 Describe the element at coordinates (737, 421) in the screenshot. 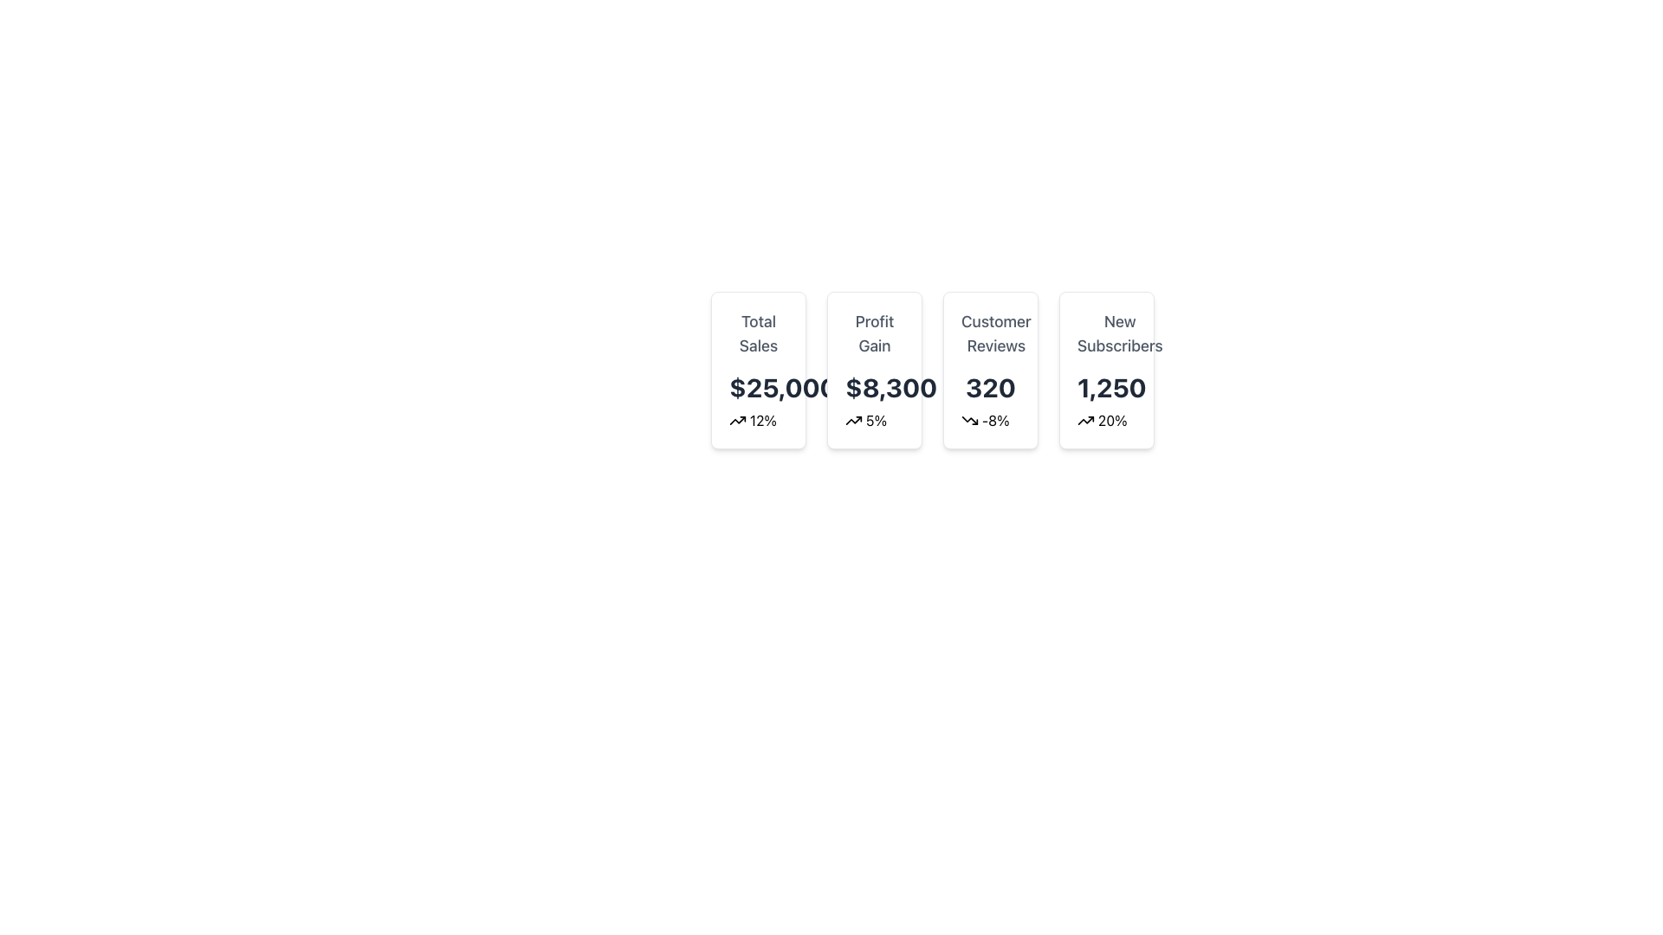

I see `the upward arrow icon located in the 'Total Sales' card, which visually indicates growth and is positioned below the '$25,000' value and adjacent to the '12%' percentage change text` at that location.